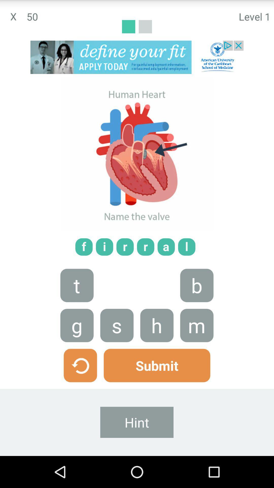 The image size is (274, 488). I want to click on adverstisment, so click(137, 57).